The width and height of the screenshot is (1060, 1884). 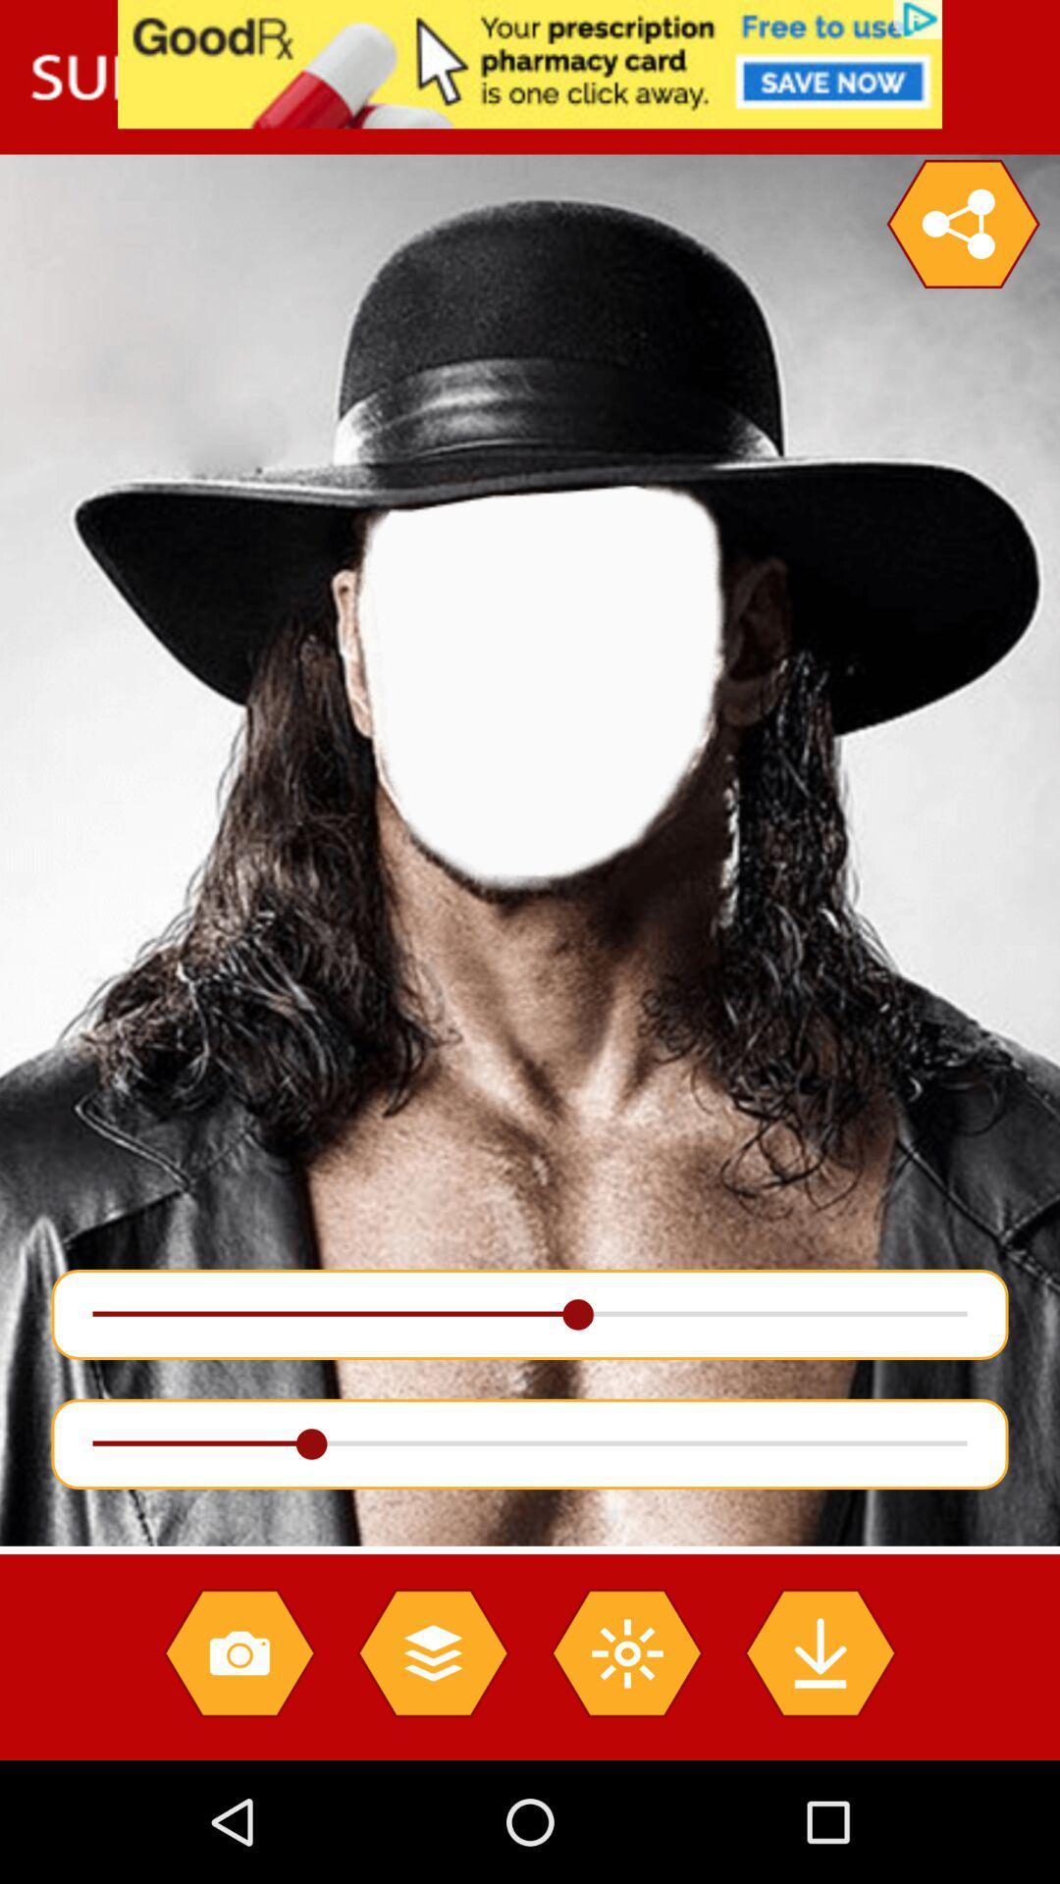 I want to click on change luminosity, so click(x=626, y=1651).